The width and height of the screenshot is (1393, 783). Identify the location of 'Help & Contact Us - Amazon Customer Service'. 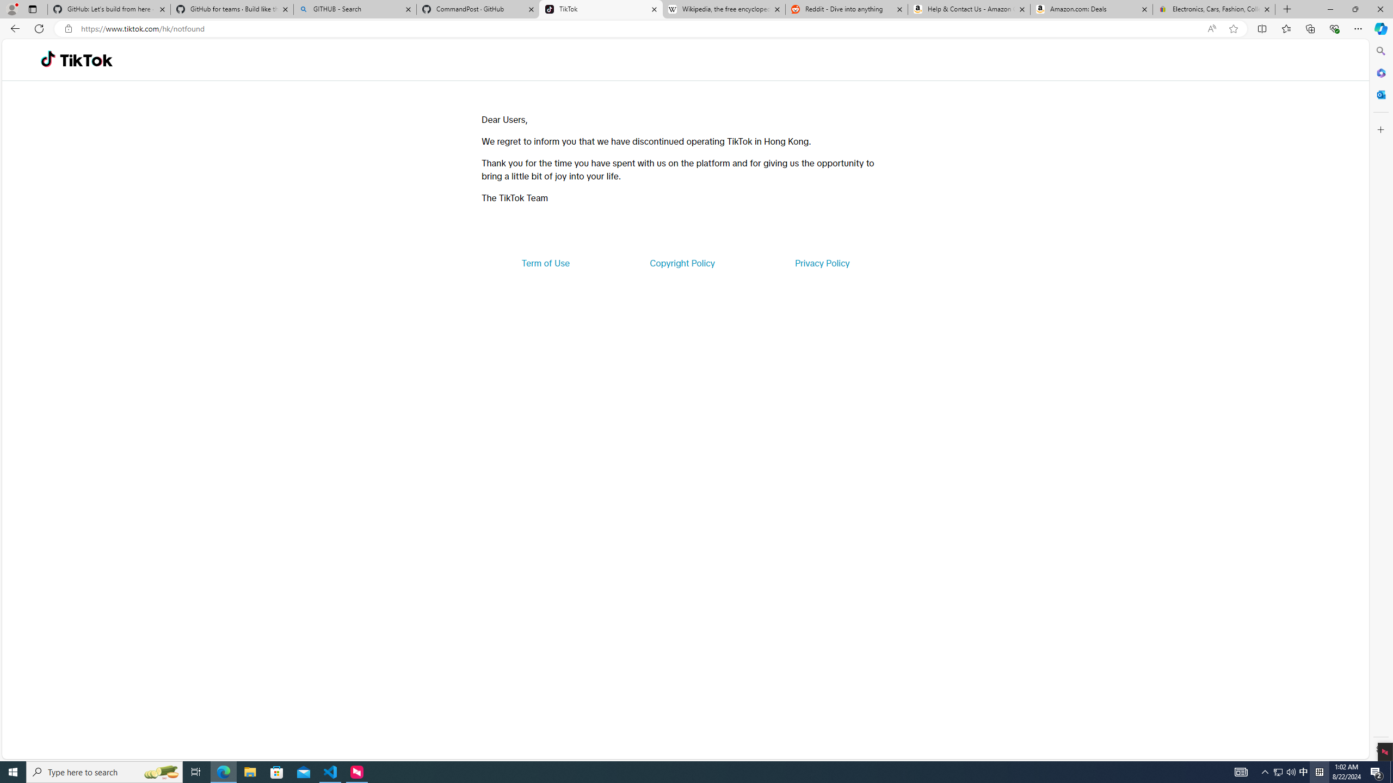
(969, 9).